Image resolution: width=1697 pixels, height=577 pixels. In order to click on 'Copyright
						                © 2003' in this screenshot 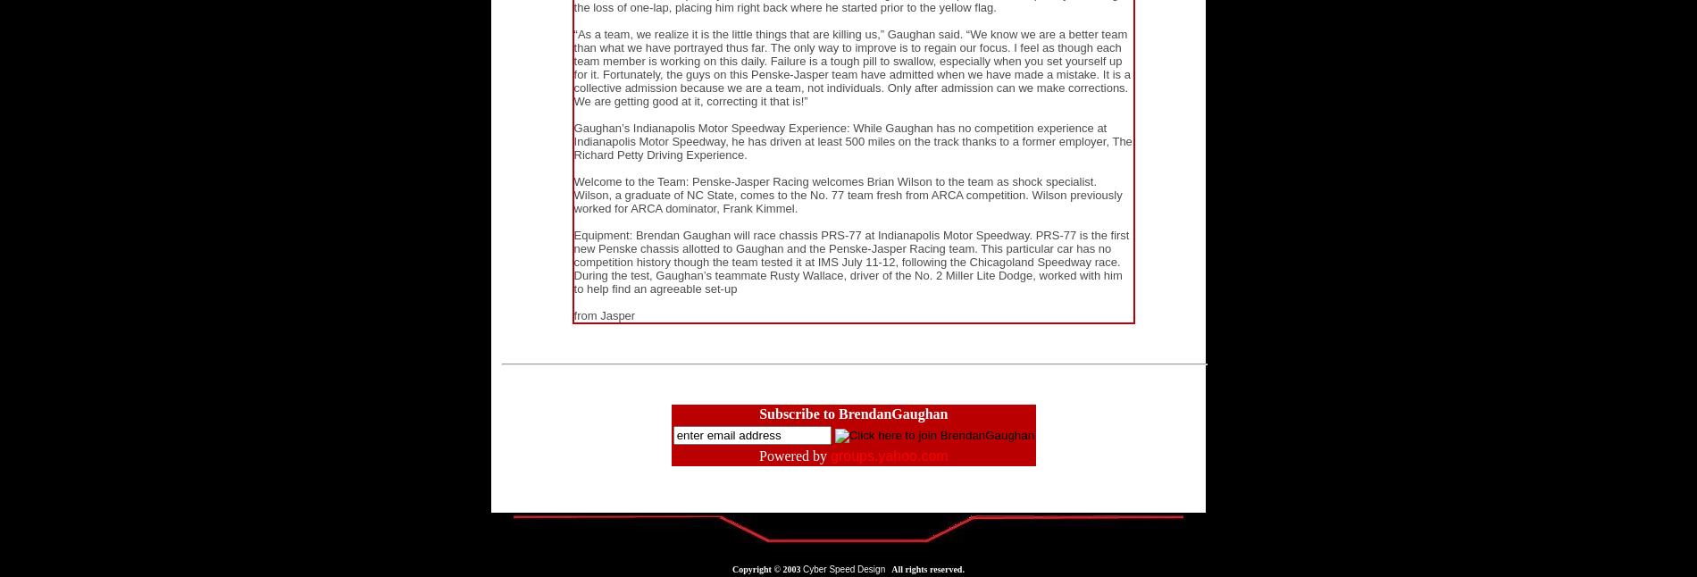, I will do `click(731, 569)`.